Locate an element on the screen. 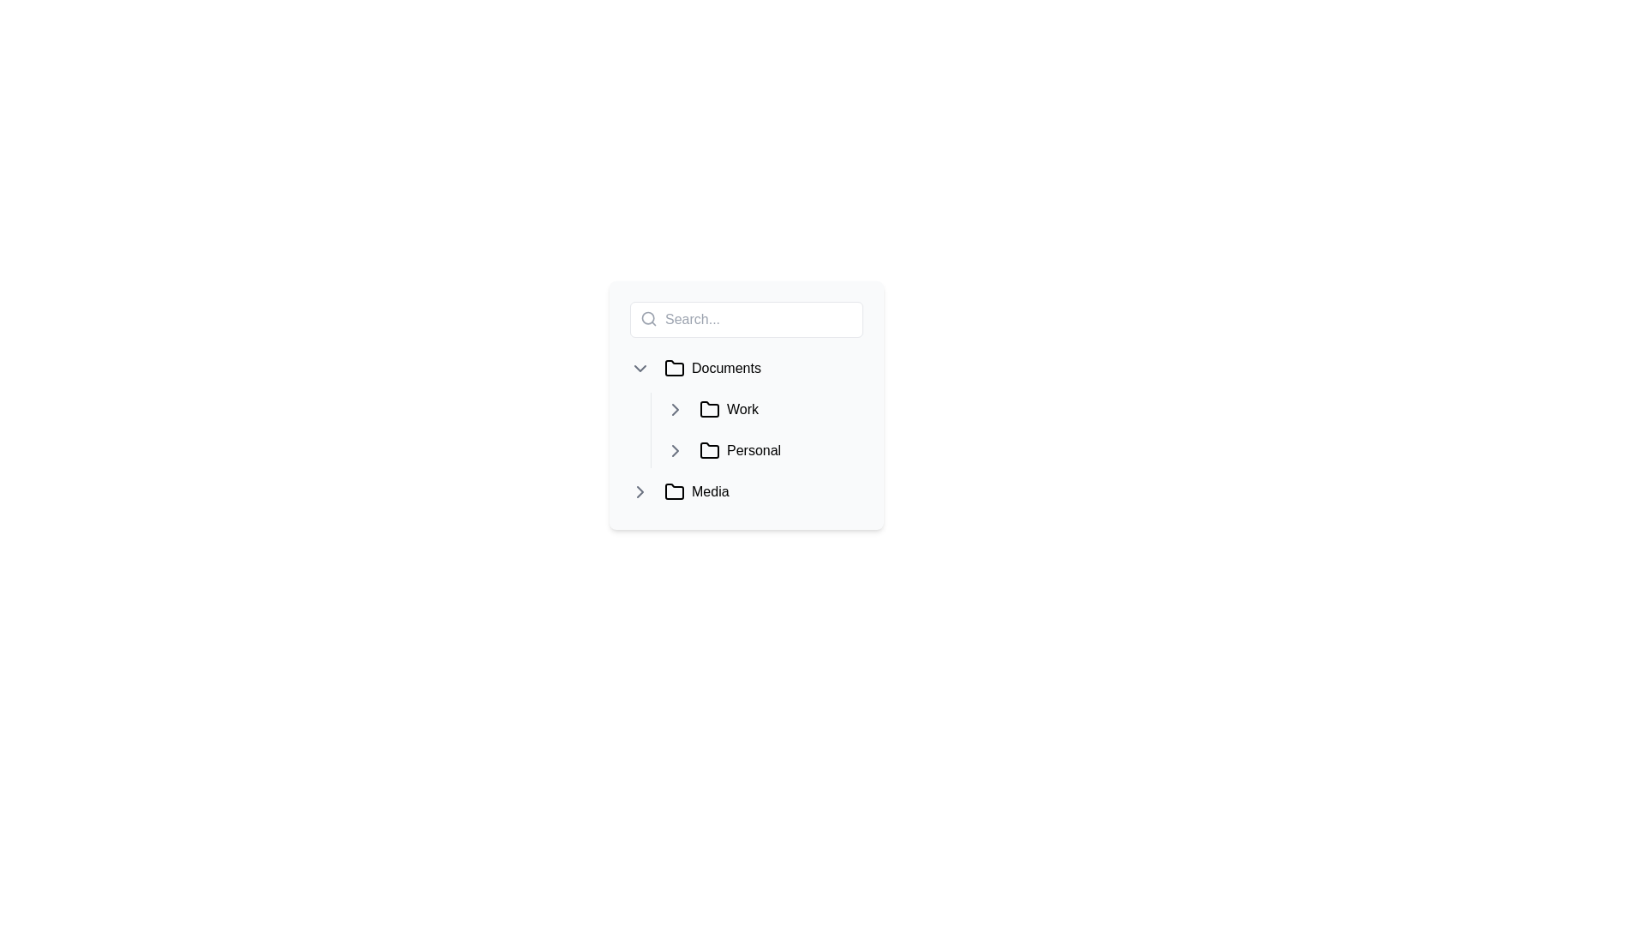 The height and width of the screenshot is (926, 1646). the disclosure icon located to the left of the 'Work' label is located at coordinates (674, 410).